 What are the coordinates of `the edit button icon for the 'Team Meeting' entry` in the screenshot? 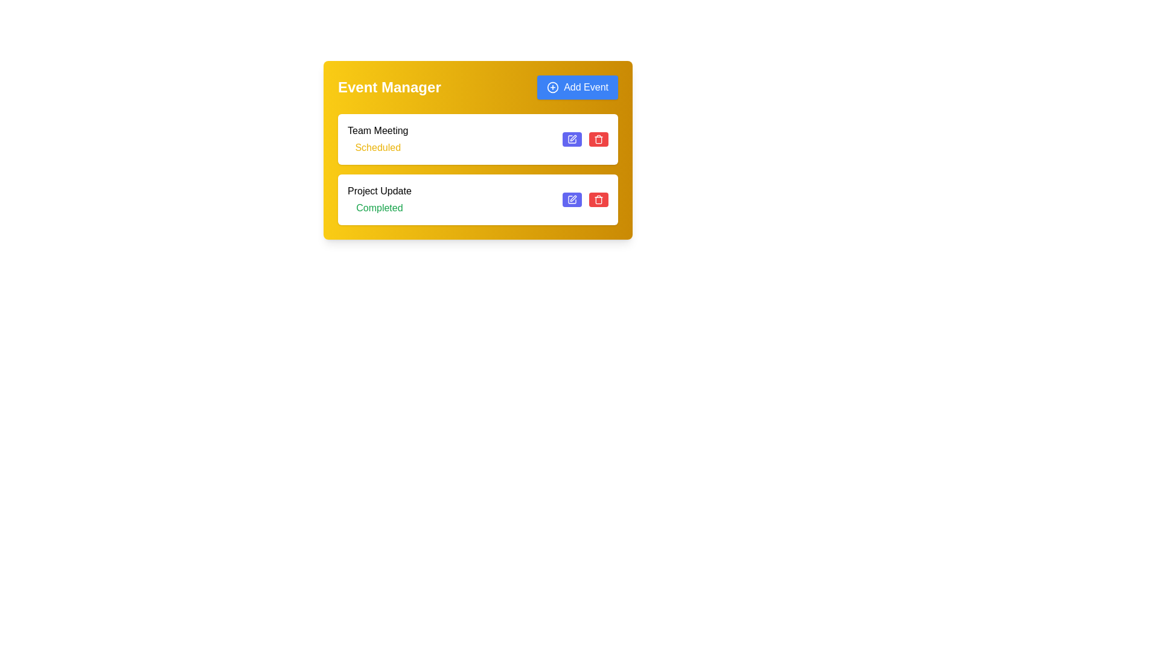 It's located at (572, 199).